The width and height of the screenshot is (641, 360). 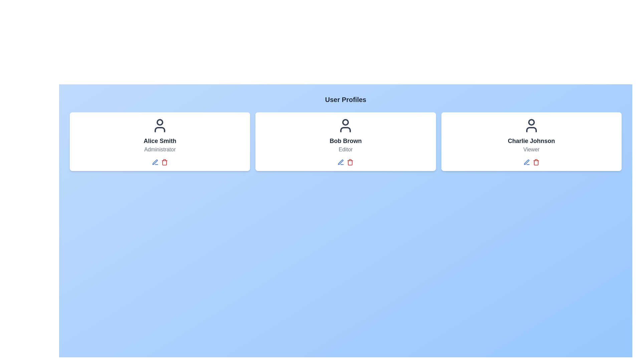 What do you see at coordinates (536, 162) in the screenshot?
I see `the red trash bin icon located within Charlie Johnson's user profile card` at bounding box center [536, 162].